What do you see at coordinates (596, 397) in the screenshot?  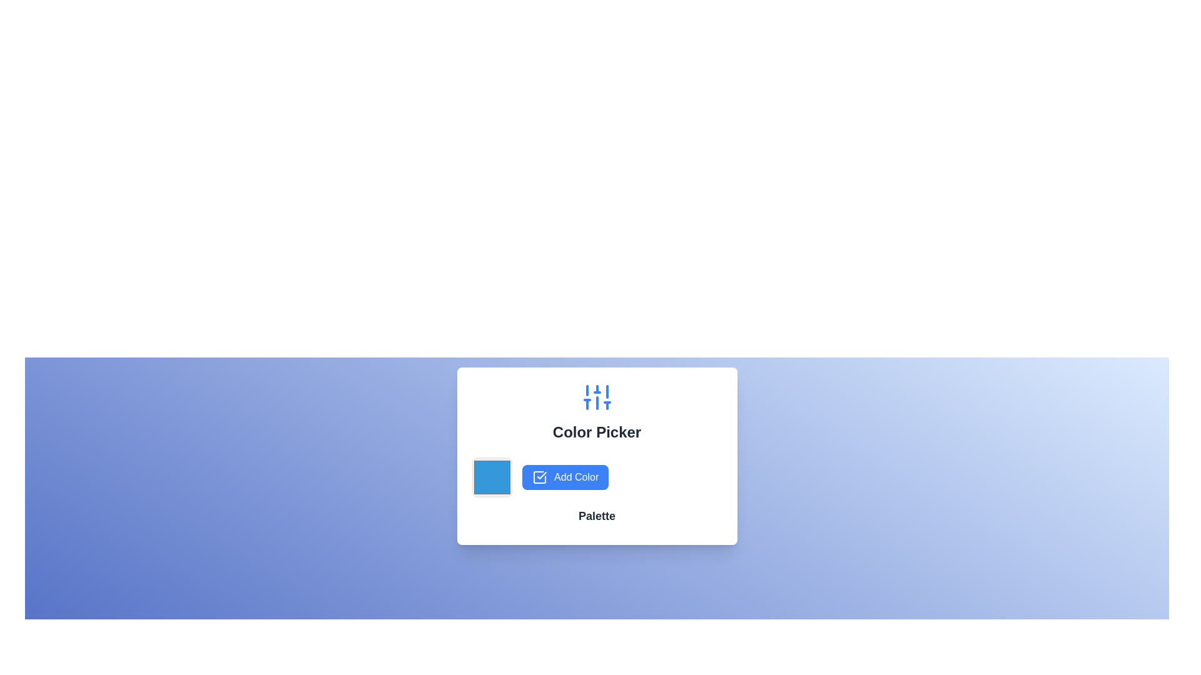 I see `the adjustment or customization icon located at the top center of the 'Color Picker' section, above the 'Color Picker' text label` at bounding box center [596, 397].